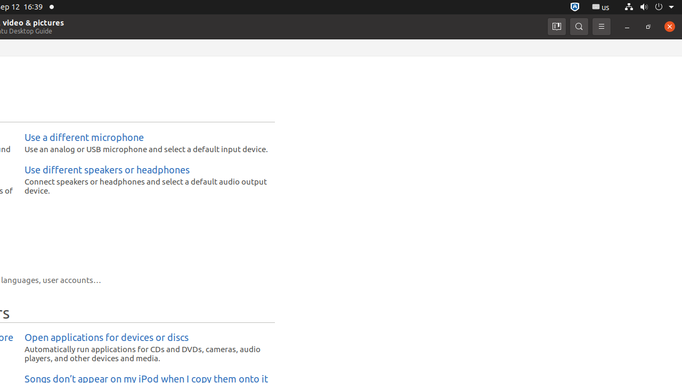 The width and height of the screenshot is (682, 383). What do you see at coordinates (669, 26) in the screenshot?
I see `'Close'` at bounding box center [669, 26].